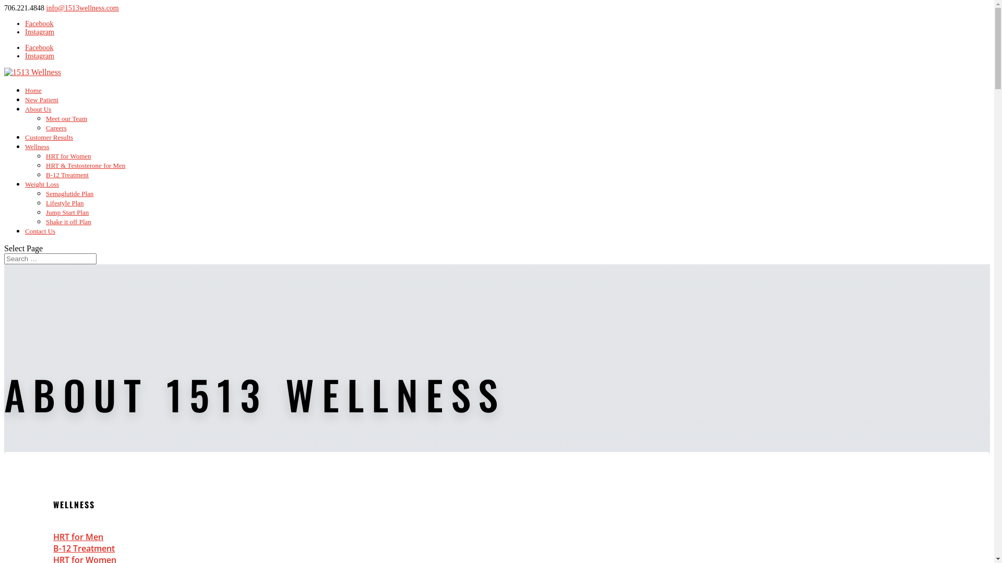  What do you see at coordinates (68, 221) in the screenshot?
I see `'Shake it off Plan'` at bounding box center [68, 221].